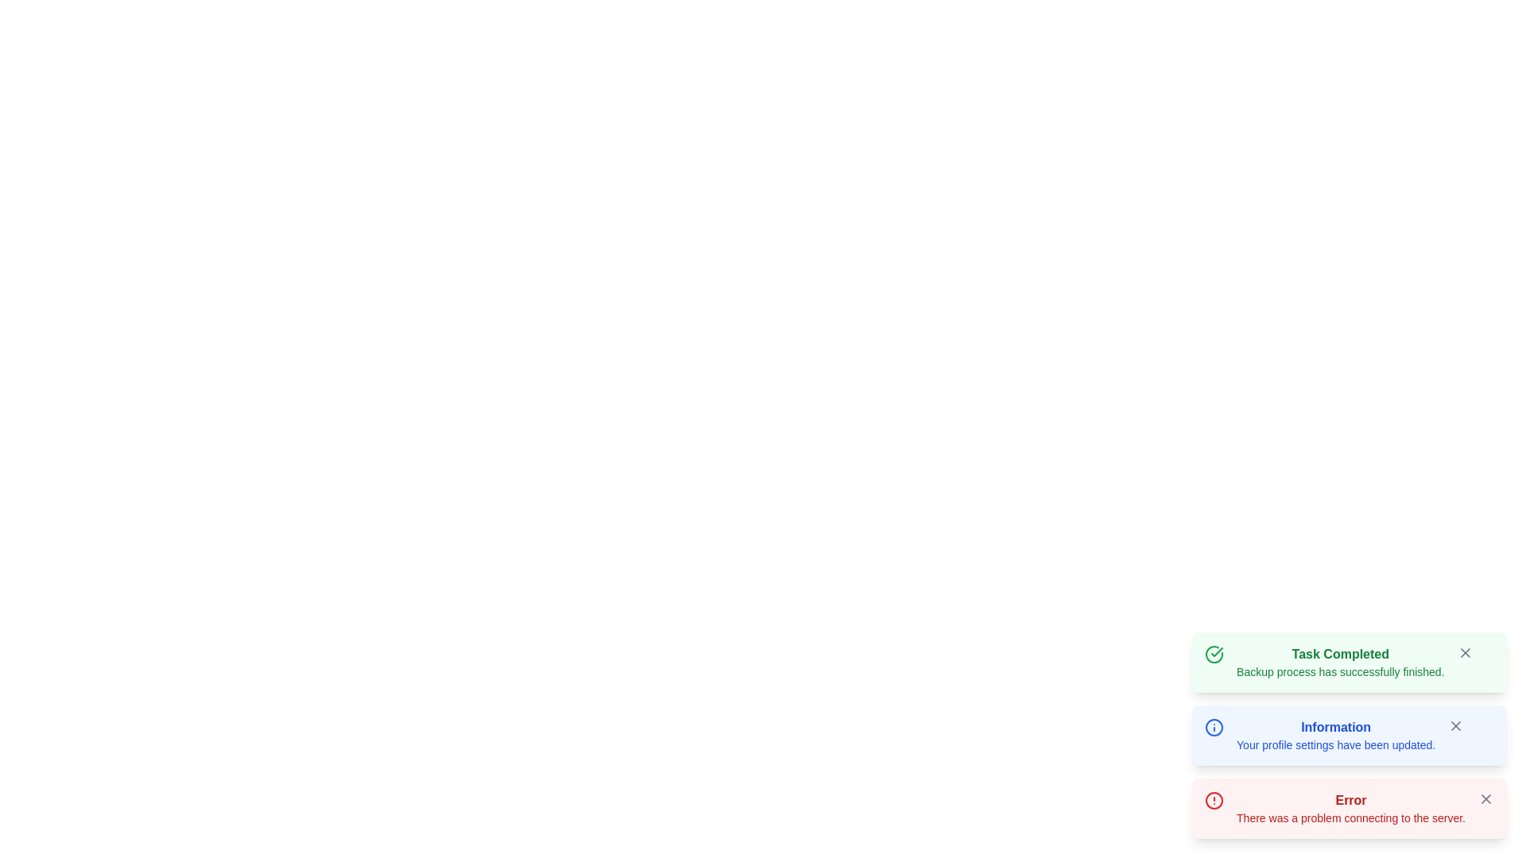 Image resolution: width=1526 pixels, height=858 pixels. Describe the element at coordinates (1214, 727) in the screenshot. I see `the small circular information icon with a blue outline located on the left side of the 'Information' notification message, preceding the title 'Information'` at that location.